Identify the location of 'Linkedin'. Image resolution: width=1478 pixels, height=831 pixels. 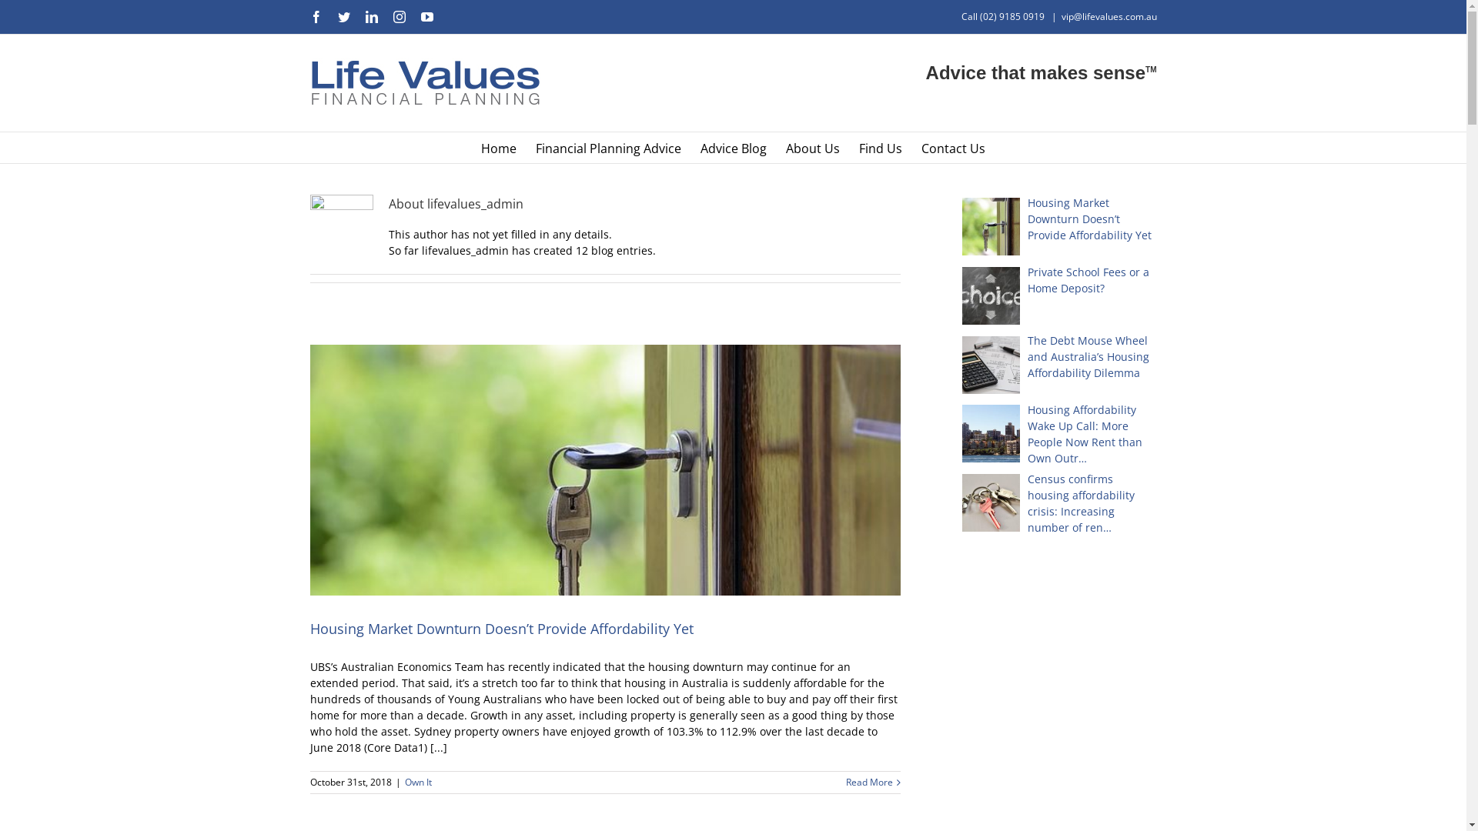
(370, 17).